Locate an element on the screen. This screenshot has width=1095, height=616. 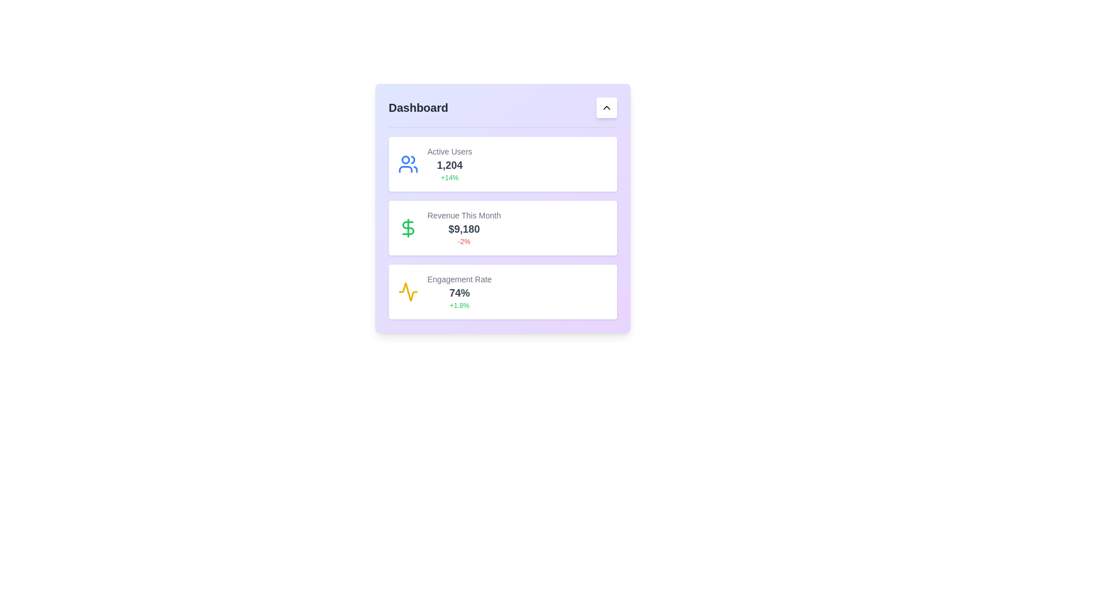
displayed revenue amount from the text label positioned centrally within the 'Revenue This Month' card, located between the 'Revenue This Month' label and the '-2%' percentage indicator is located at coordinates (464, 229).